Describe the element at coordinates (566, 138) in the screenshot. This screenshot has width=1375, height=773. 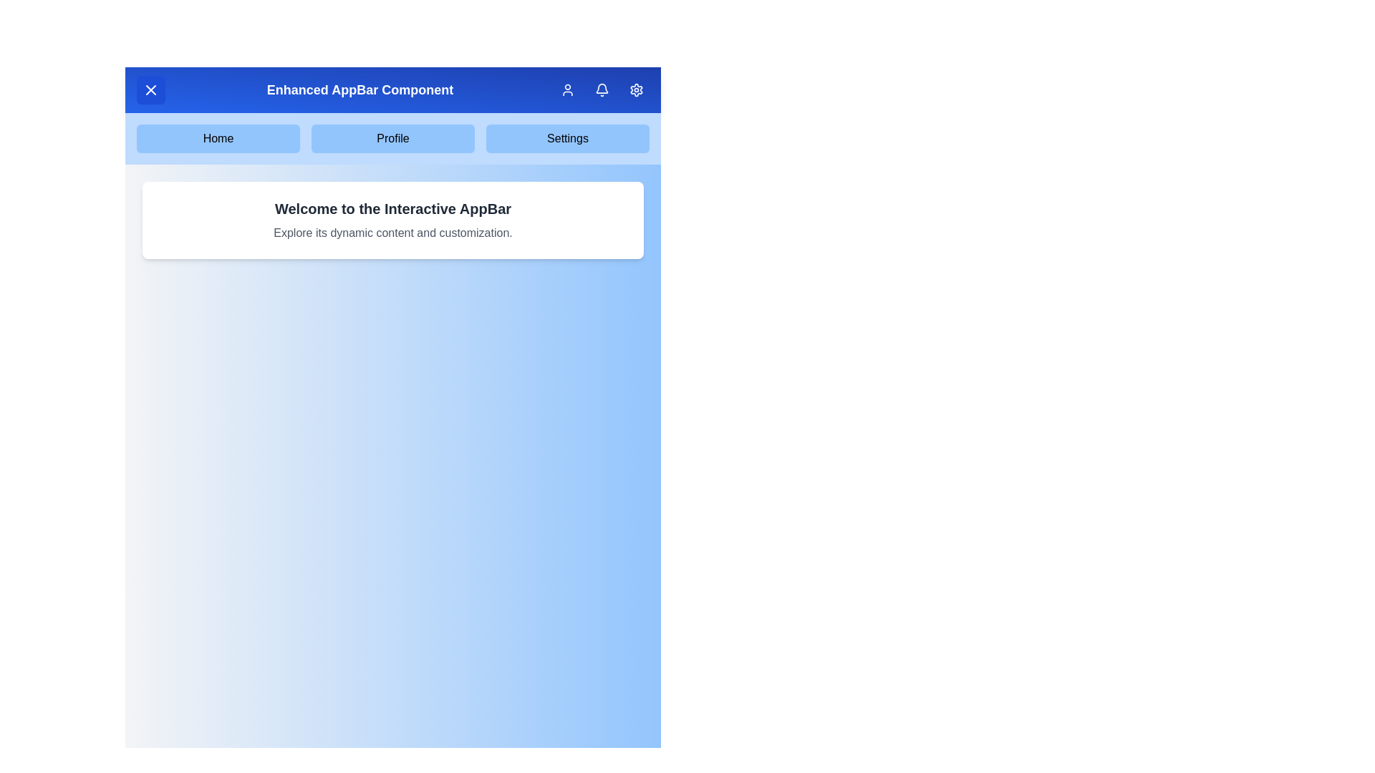
I see `the Settings navigation menu item` at that location.